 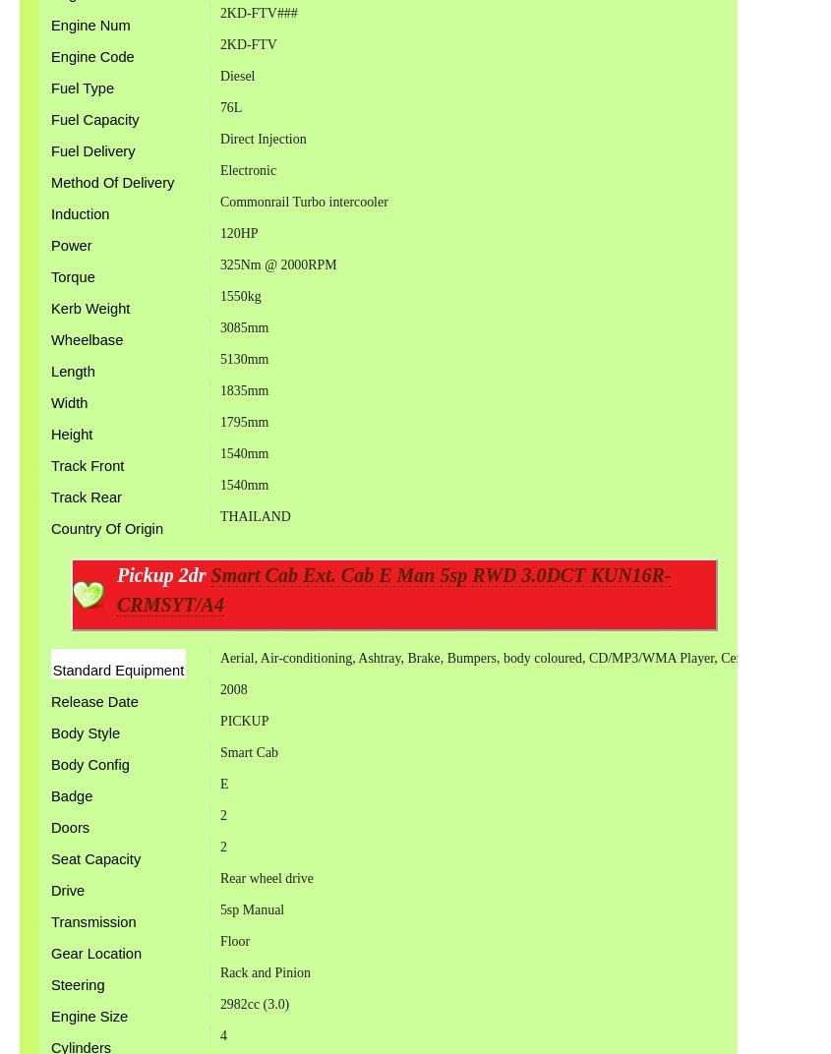 What do you see at coordinates (86, 497) in the screenshot?
I see `'Track Rear'` at bounding box center [86, 497].